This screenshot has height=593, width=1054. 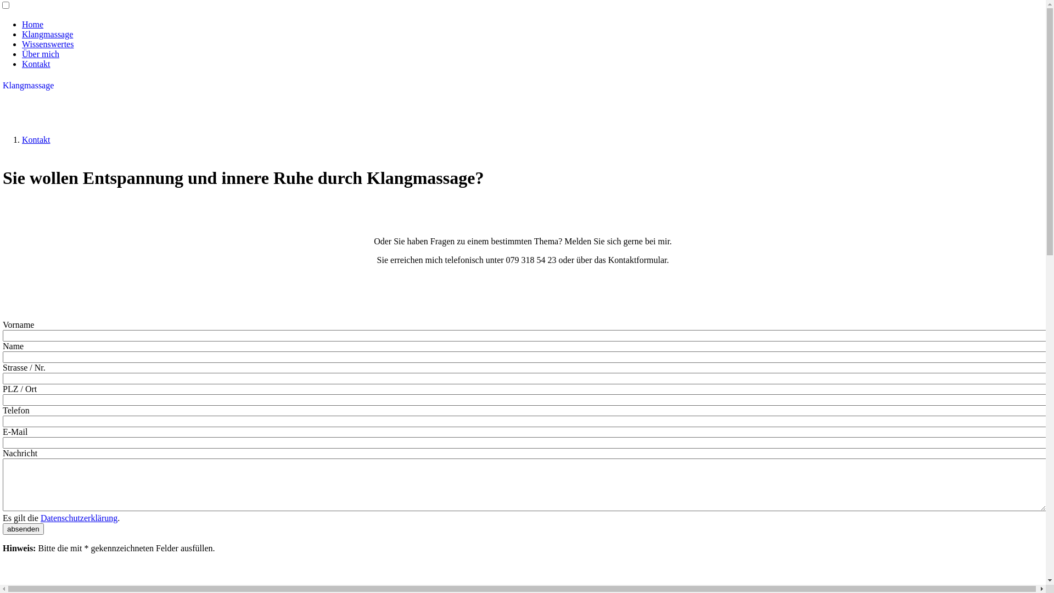 I want to click on 'Klangmassage', so click(x=47, y=33).